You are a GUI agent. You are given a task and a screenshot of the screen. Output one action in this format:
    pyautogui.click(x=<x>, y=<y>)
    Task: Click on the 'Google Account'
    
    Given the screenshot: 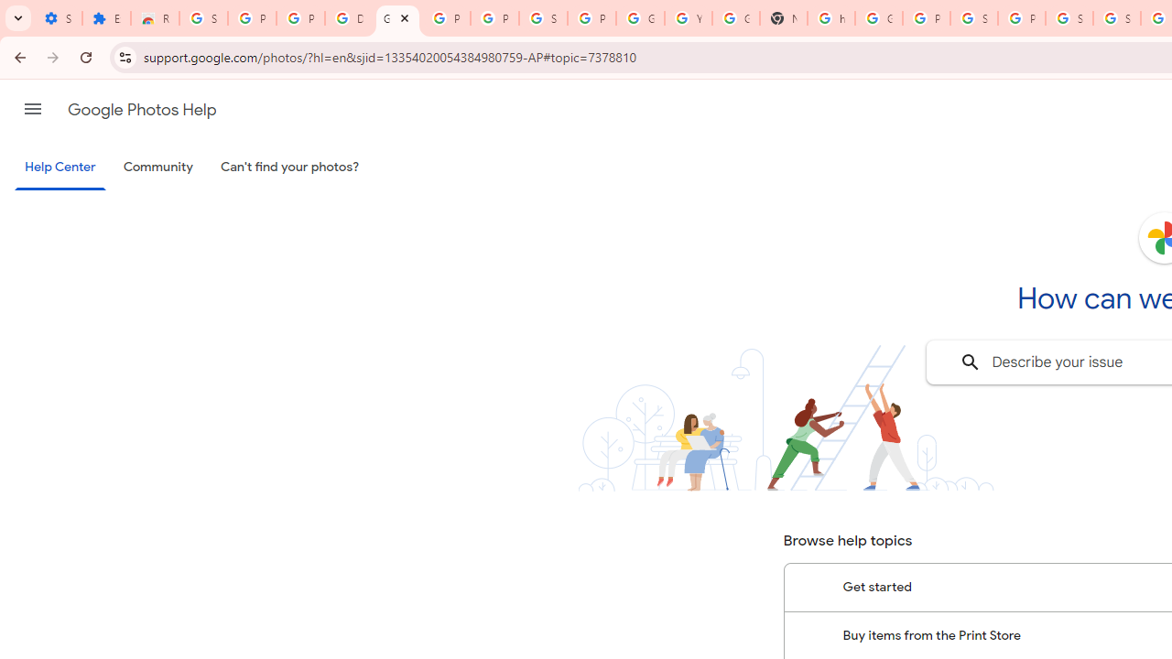 What is the action you would take?
    pyautogui.click(x=640, y=18)
    